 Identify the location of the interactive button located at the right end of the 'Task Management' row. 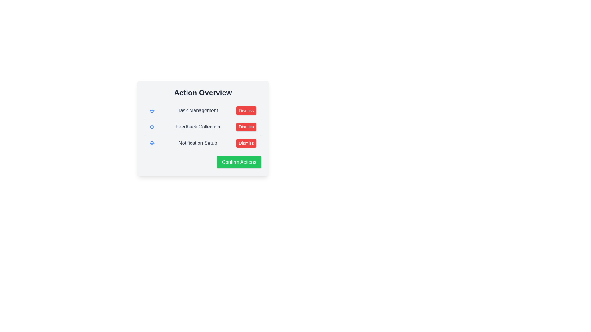
(246, 110).